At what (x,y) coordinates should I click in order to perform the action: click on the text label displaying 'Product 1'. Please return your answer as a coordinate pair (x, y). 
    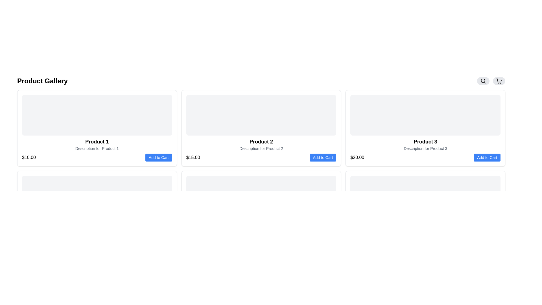
    Looking at the image, I should click on (97, 141).